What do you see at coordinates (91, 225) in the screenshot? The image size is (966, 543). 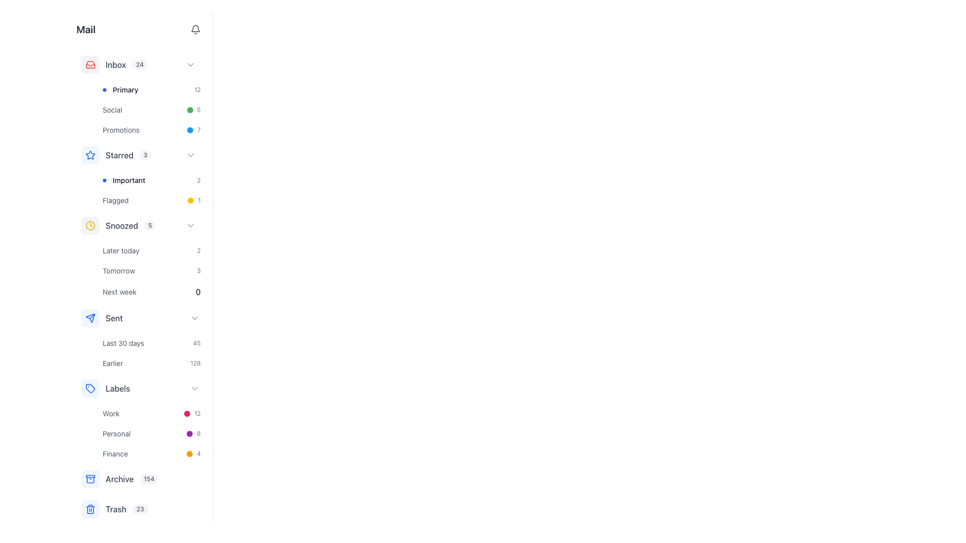 I see `the circular clock icon with a yellow outline located in the 'Snoozed' section of the sidebar` at bounding box center [91, 225].